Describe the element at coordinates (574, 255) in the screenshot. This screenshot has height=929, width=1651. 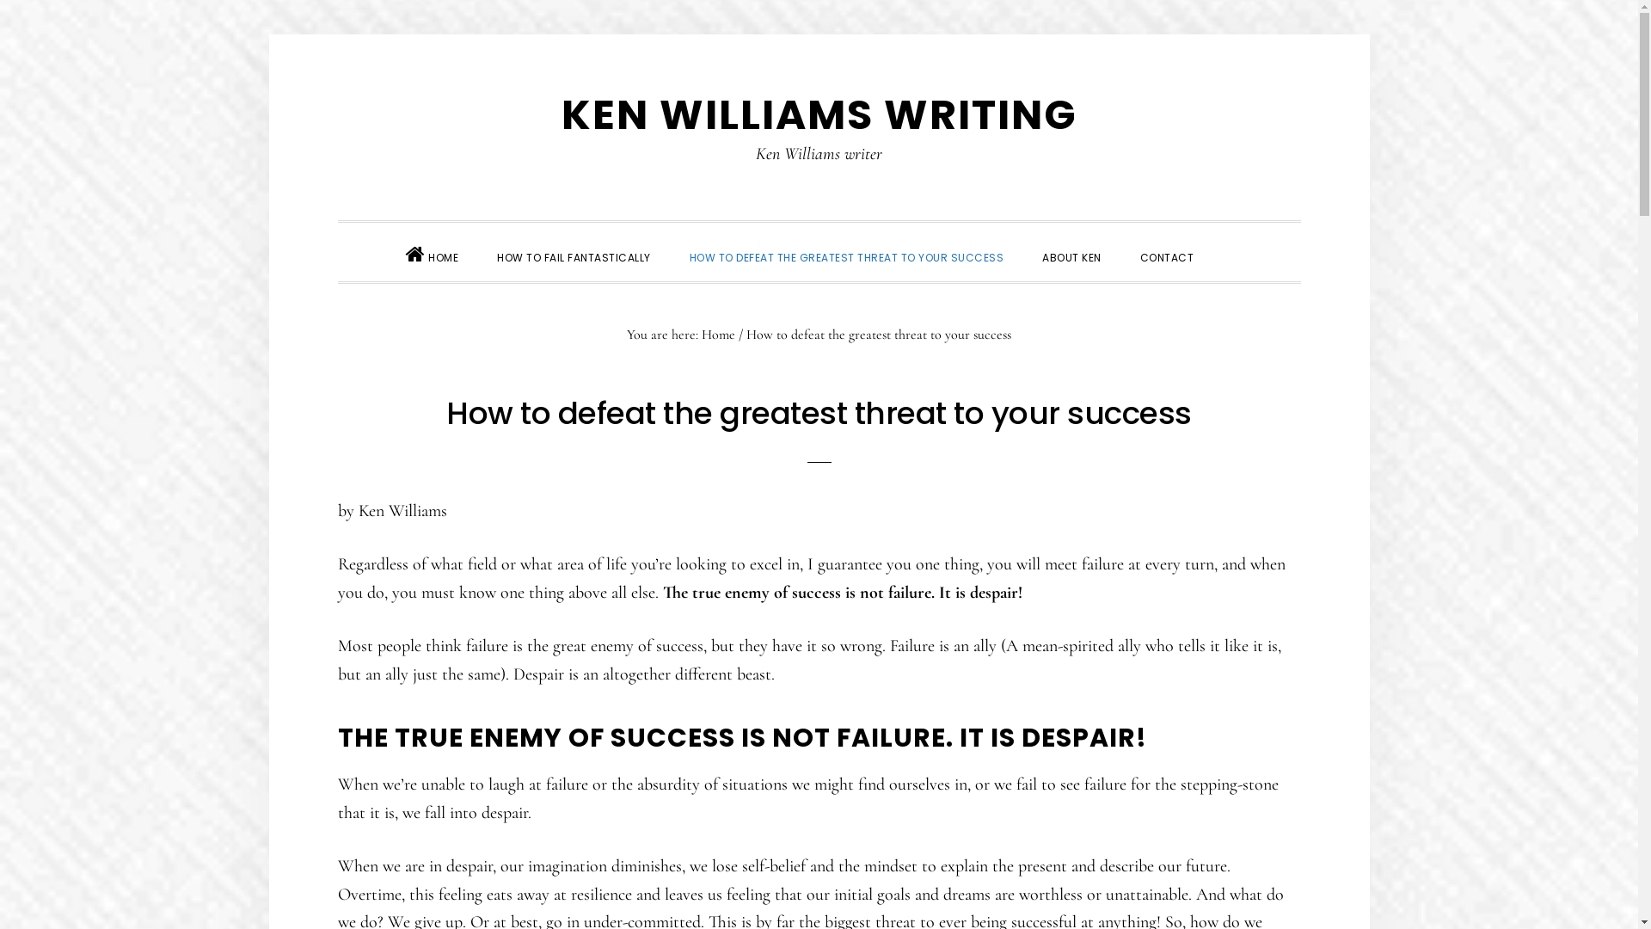
I see `'HOW TO FAIL FANTASTICALLY'` at that location.